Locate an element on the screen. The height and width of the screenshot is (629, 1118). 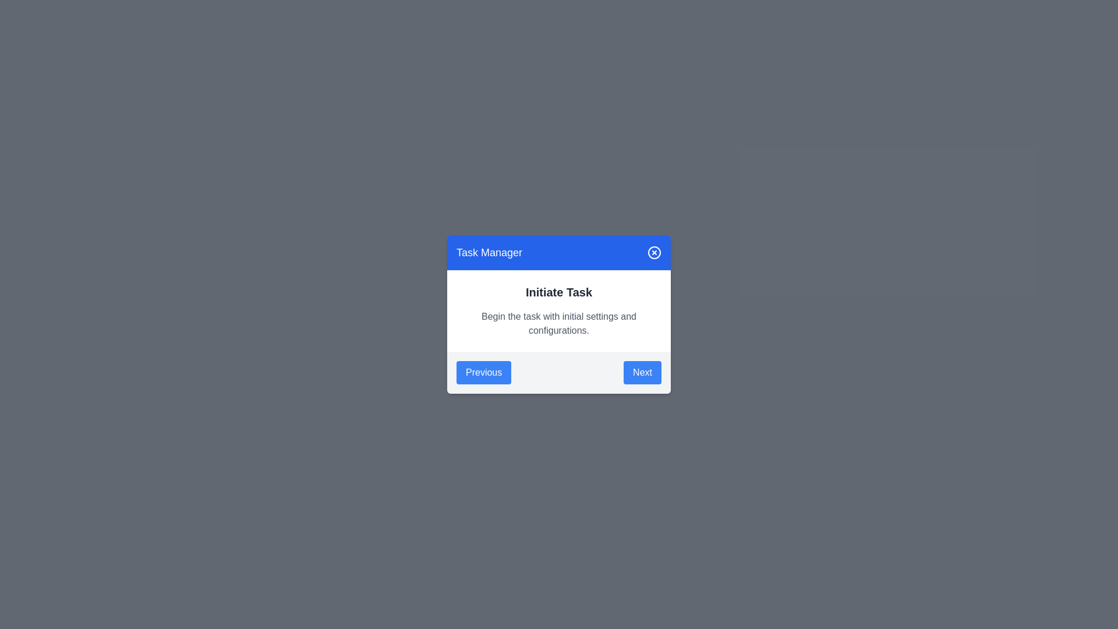
the Next button to navigate between tasks is located at coordinates (642, 373).